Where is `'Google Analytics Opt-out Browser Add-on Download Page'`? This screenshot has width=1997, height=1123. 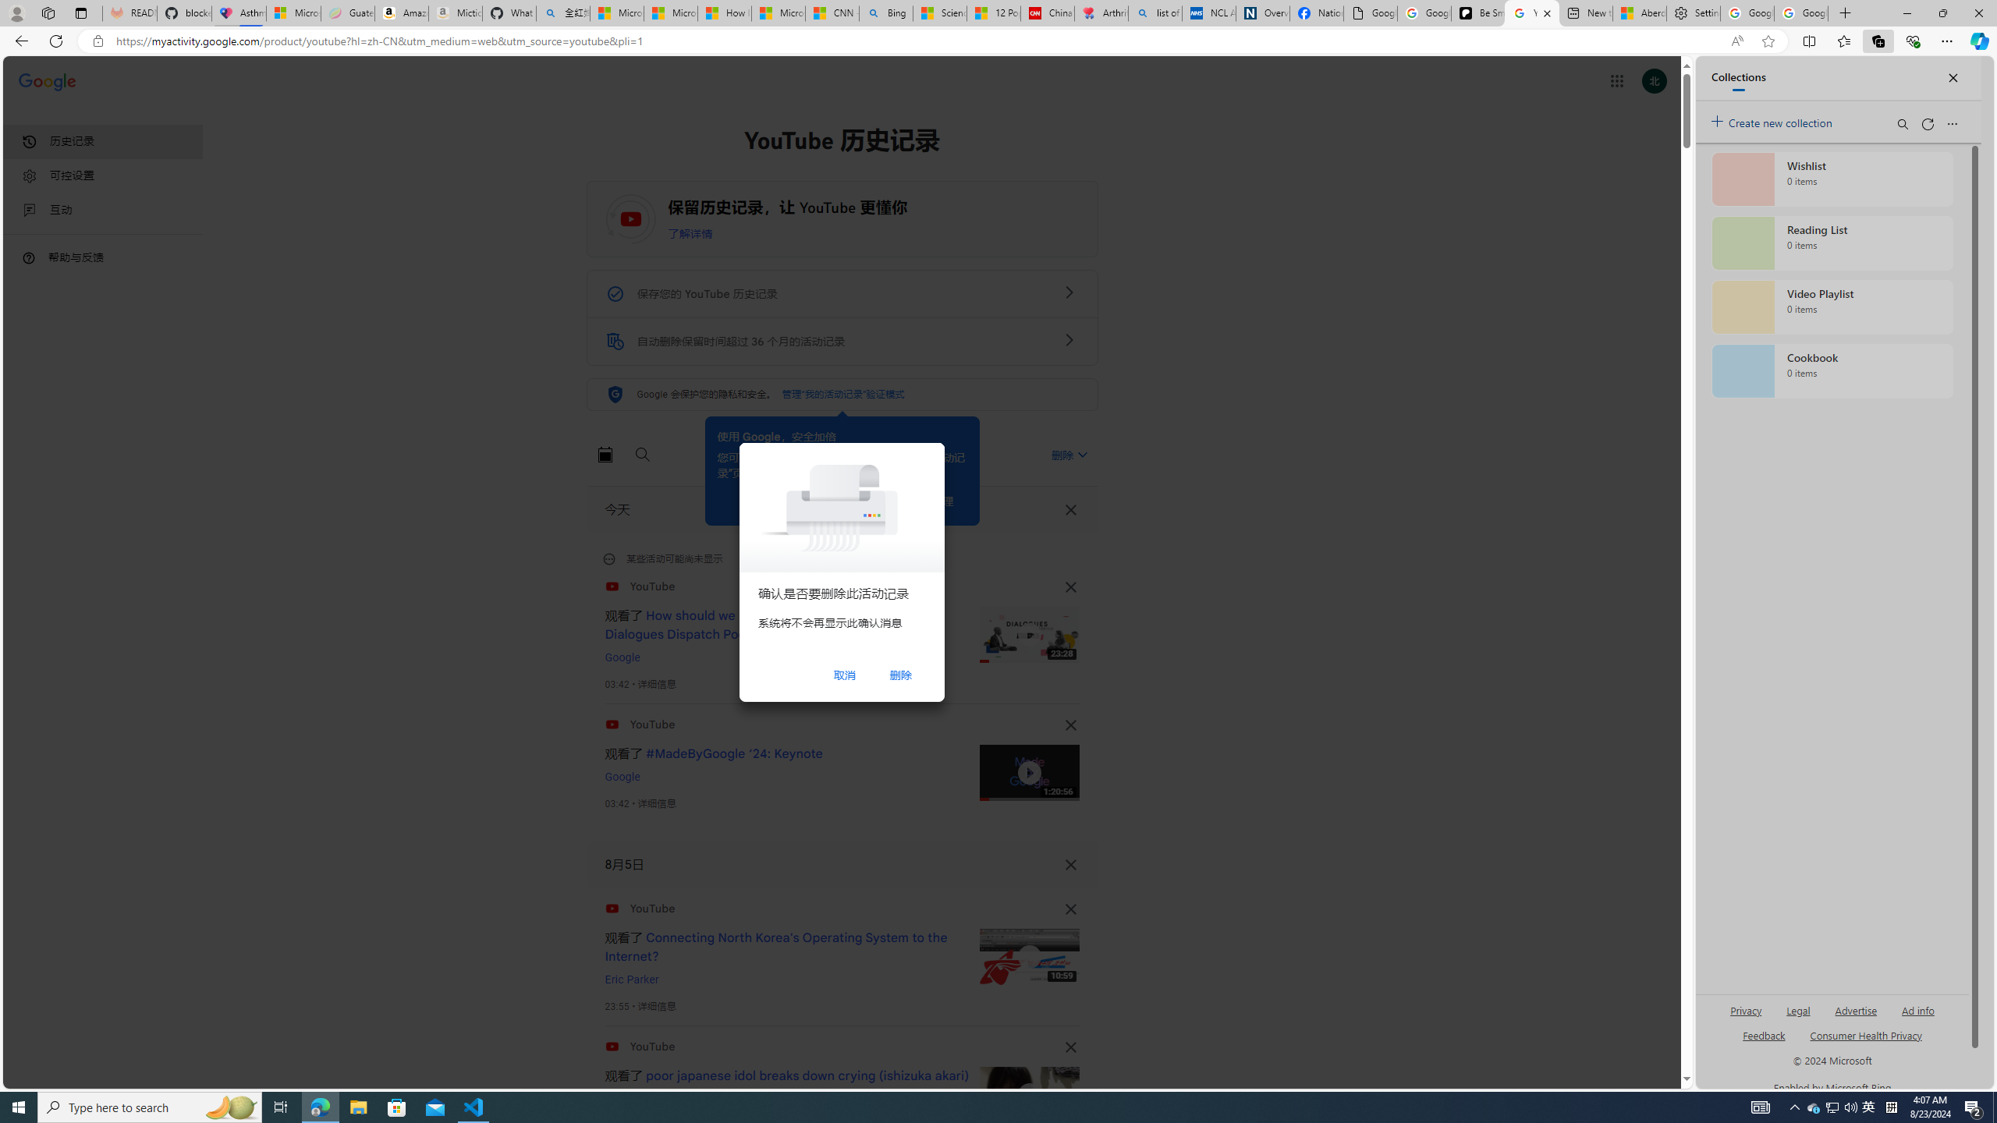 'Google Analytics Opt-out Browser Add-on Download Page' is located at coordinates (1370, 12).